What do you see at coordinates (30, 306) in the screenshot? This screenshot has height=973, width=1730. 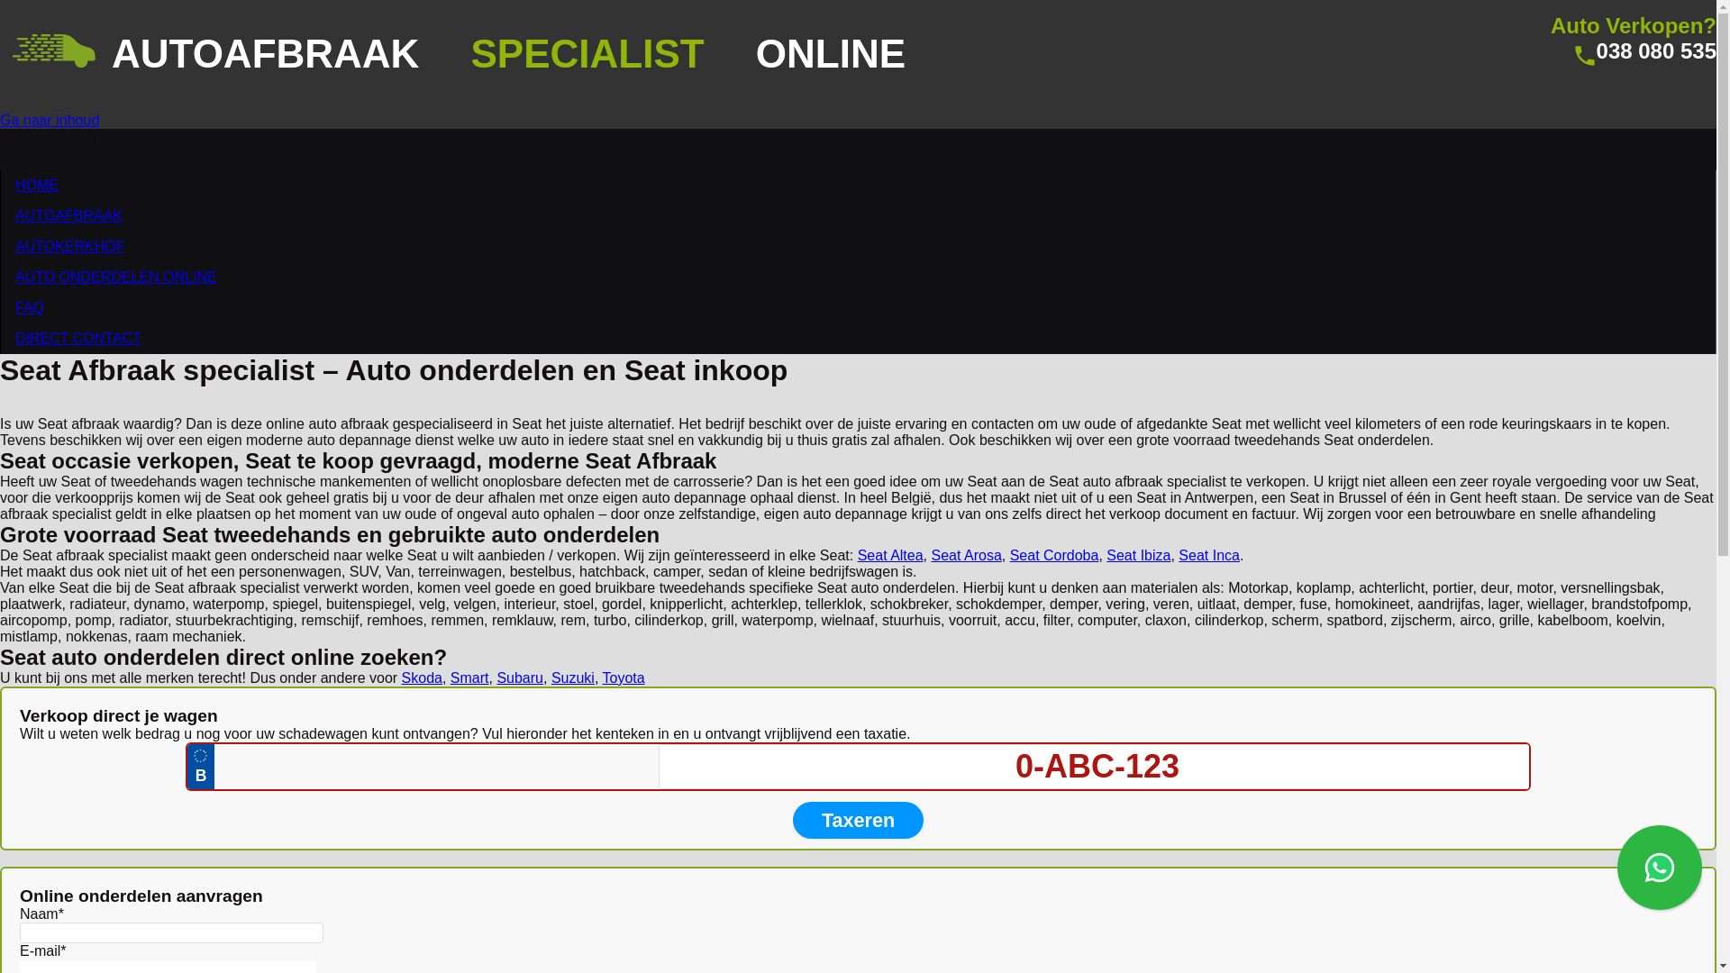 I see `'FAQ'` at bounding box center [30, 306].